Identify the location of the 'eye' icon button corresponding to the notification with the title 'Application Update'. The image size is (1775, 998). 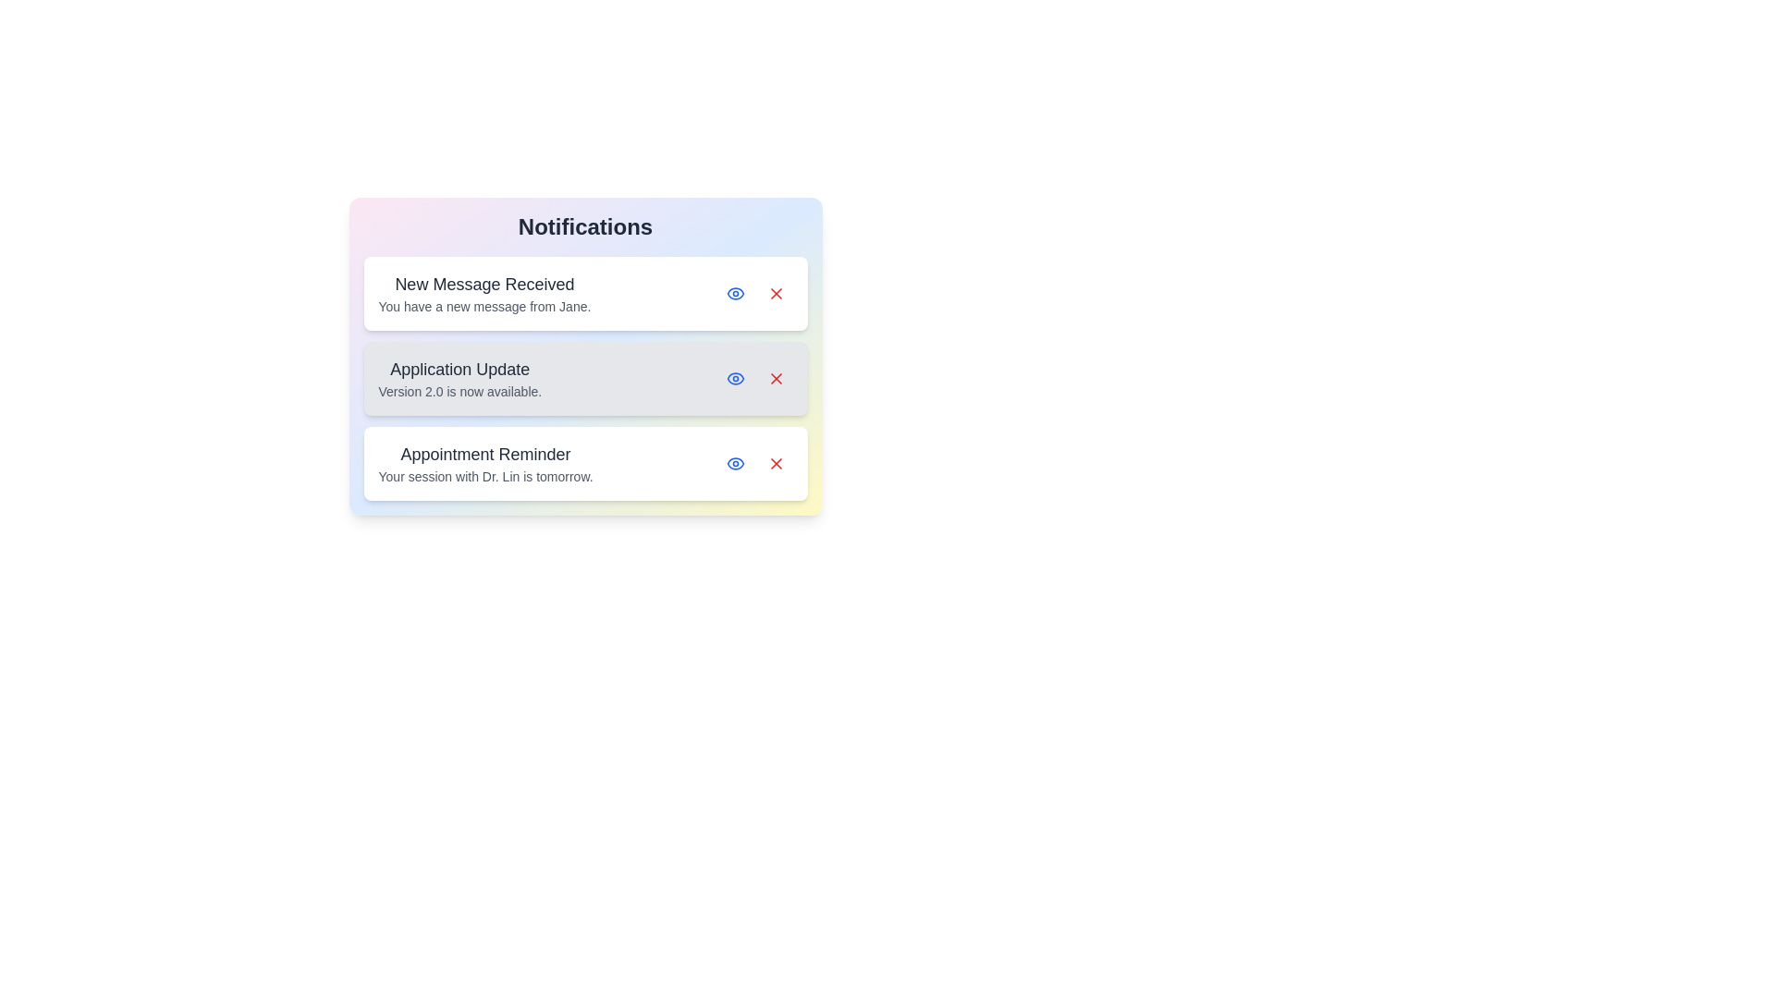
(734, 377).